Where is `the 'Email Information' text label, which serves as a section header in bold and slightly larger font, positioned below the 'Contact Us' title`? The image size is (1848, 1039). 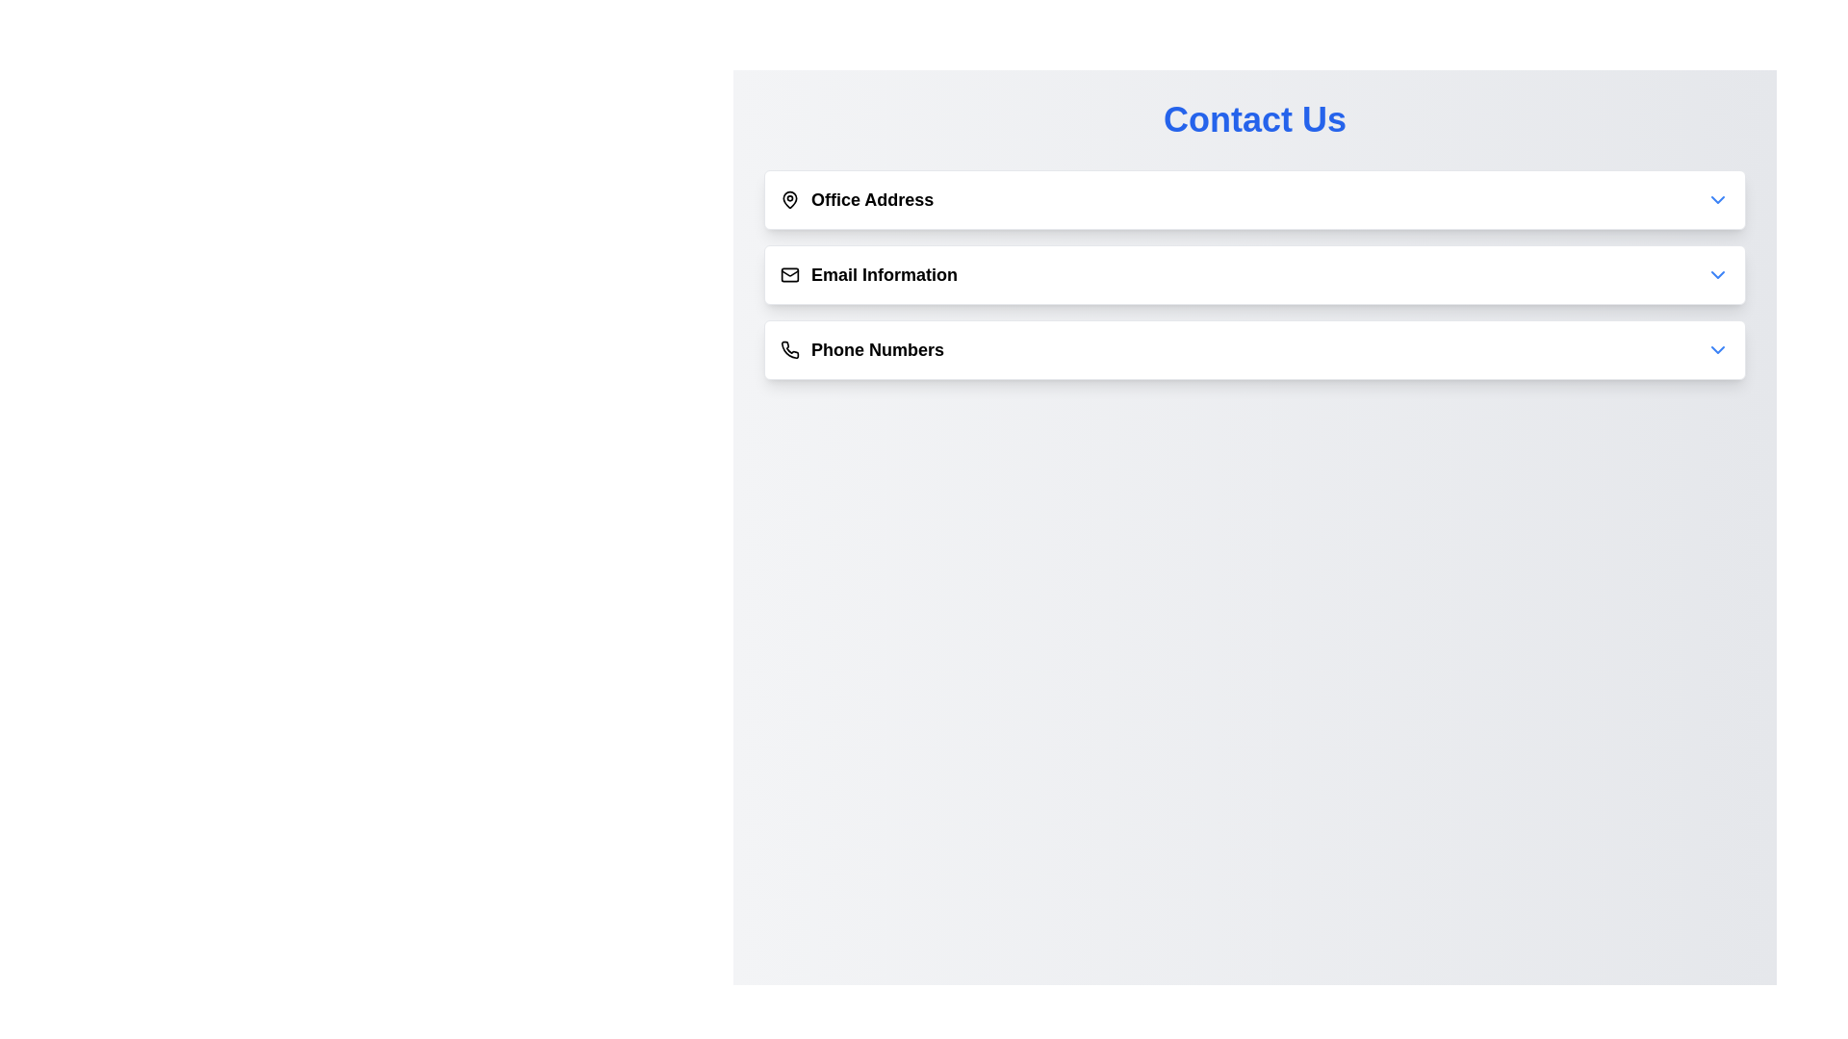 the 'Email Information' text label, which serves as a section header in bold and slightly larger font, positioned below the 'Contact Us' title is located at coordinates (884, 274).